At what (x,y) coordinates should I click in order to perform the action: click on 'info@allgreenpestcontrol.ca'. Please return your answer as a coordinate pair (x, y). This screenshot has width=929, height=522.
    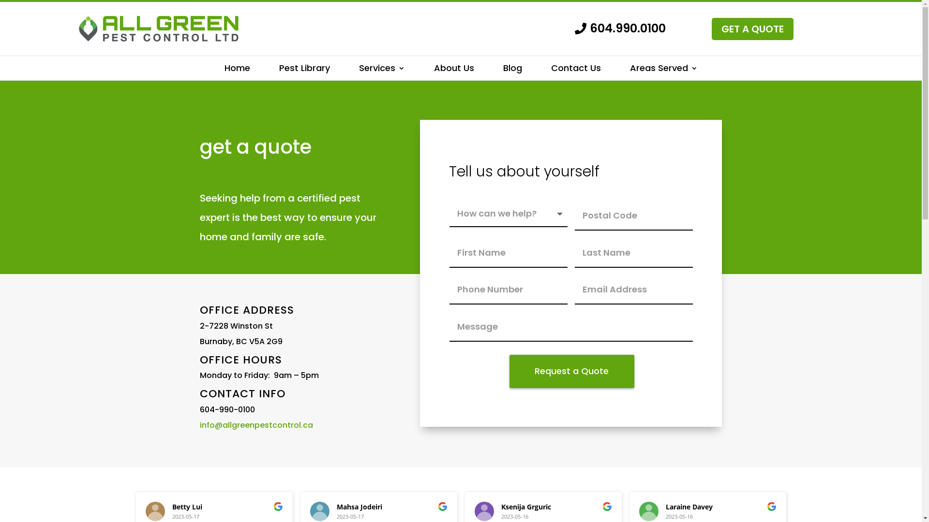
    Looking at the image, I should click on (255, 424).